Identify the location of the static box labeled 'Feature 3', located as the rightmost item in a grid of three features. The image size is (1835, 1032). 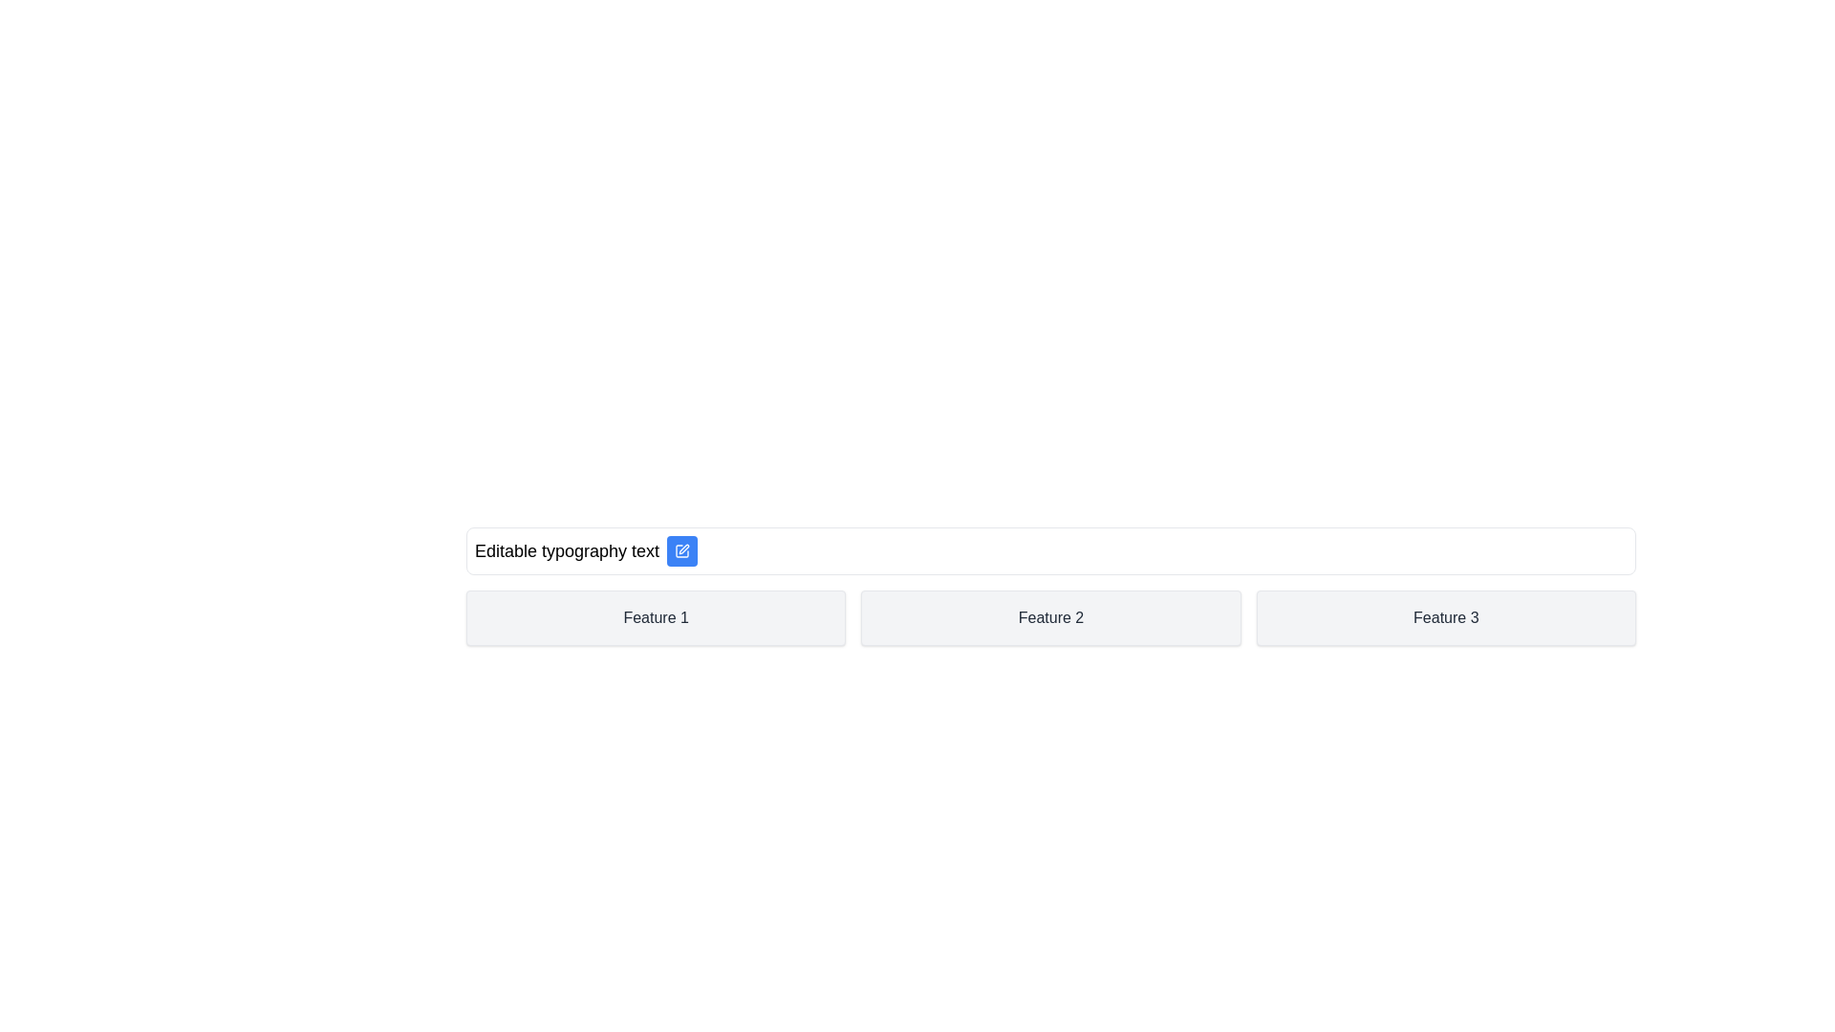
(1446, 618).